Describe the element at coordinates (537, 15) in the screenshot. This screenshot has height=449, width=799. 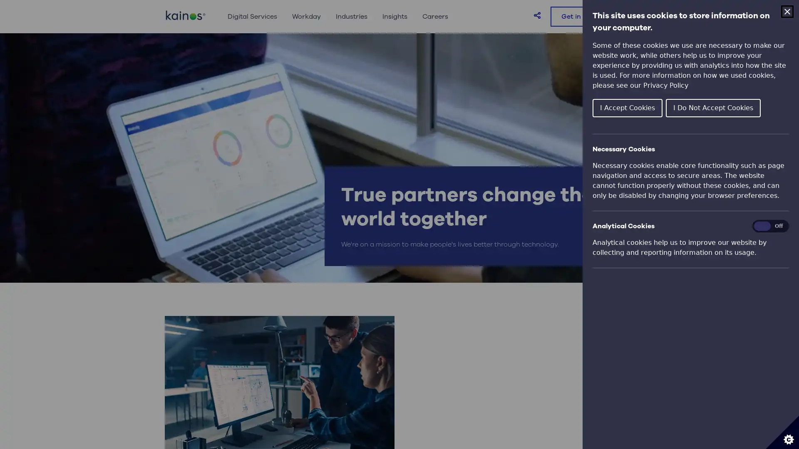
I see `Open Share icons modal window` at that location.